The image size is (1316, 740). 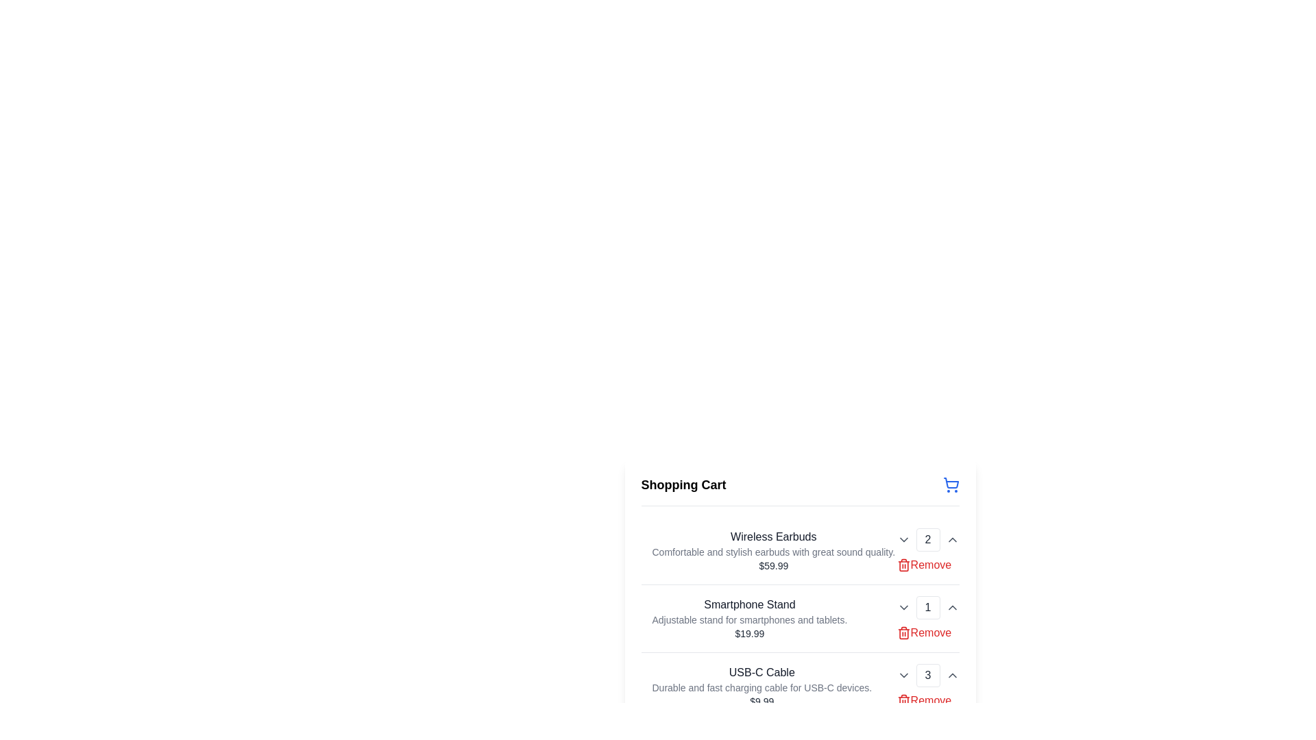 I want to click on the trash can icon, which is a simple line style SVG component located to the right of the shopping cart list item, so click(x=903, y=566).